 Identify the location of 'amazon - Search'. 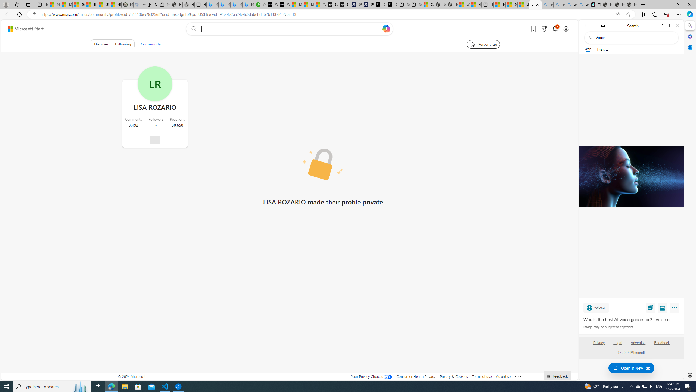
(560, 4).